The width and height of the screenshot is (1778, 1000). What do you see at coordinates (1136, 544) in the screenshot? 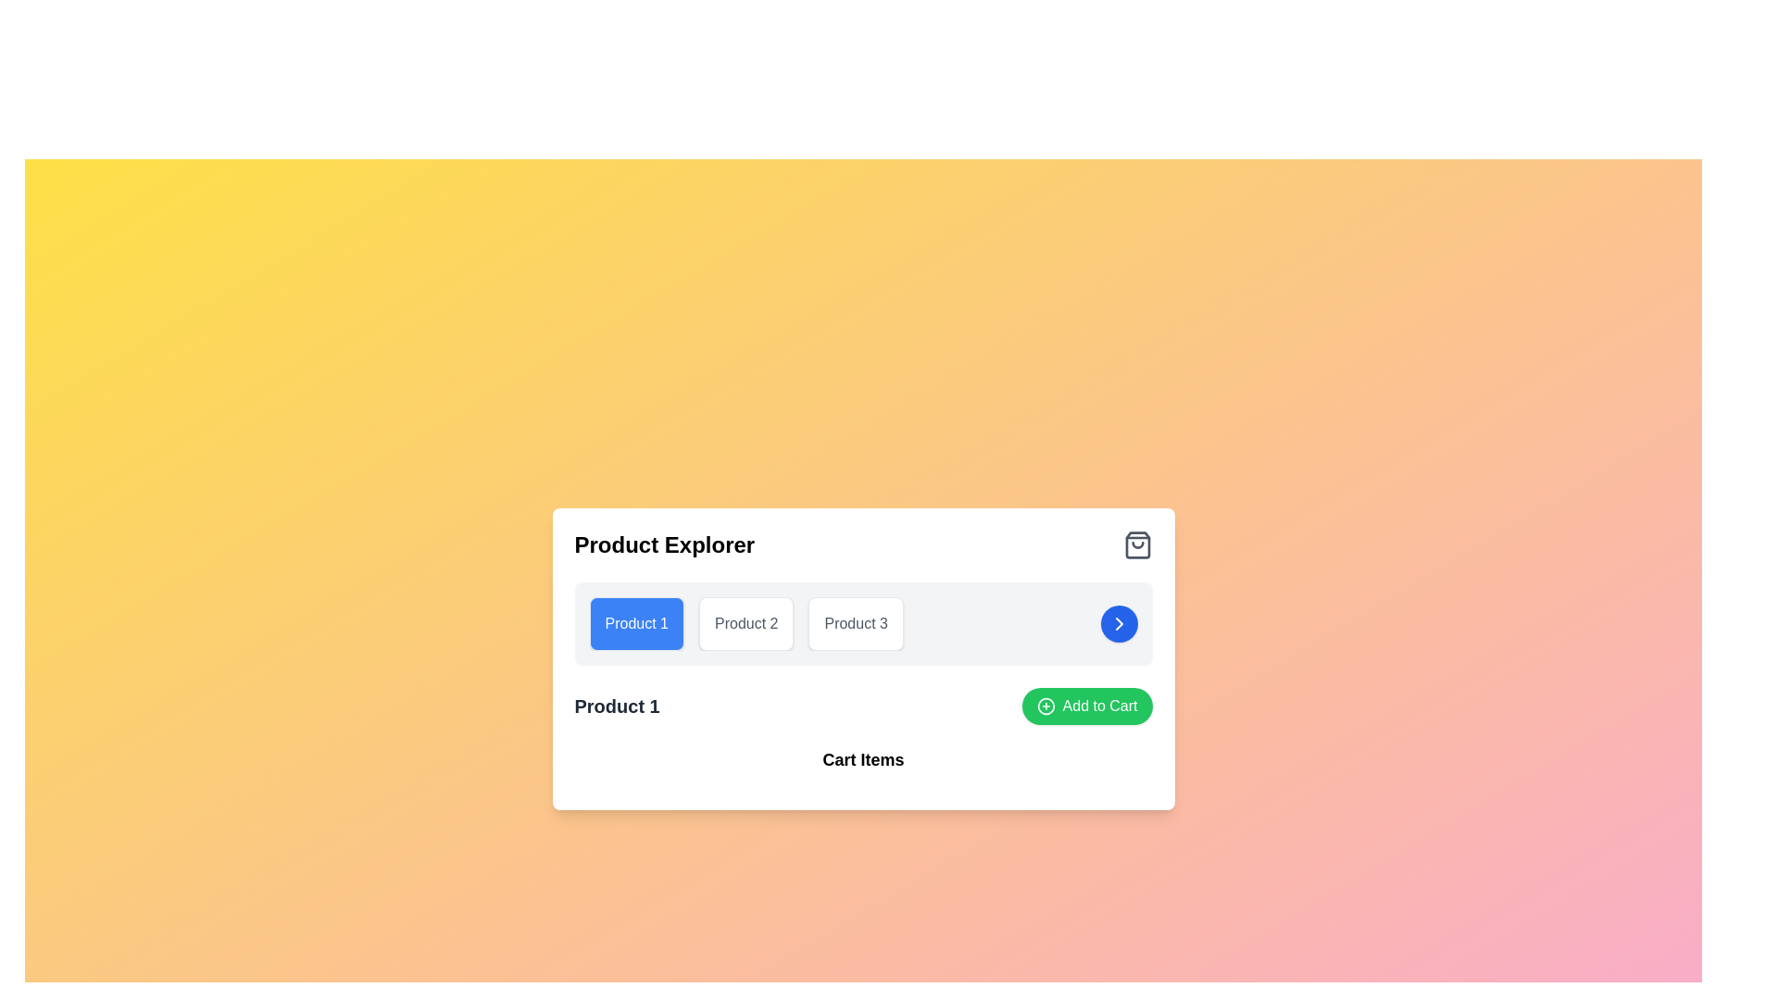
I see `the shopping bag icon with a dark gray outline located in the top-right corner of the 'Product Explorer' card` at bounding box center [1136, 544].